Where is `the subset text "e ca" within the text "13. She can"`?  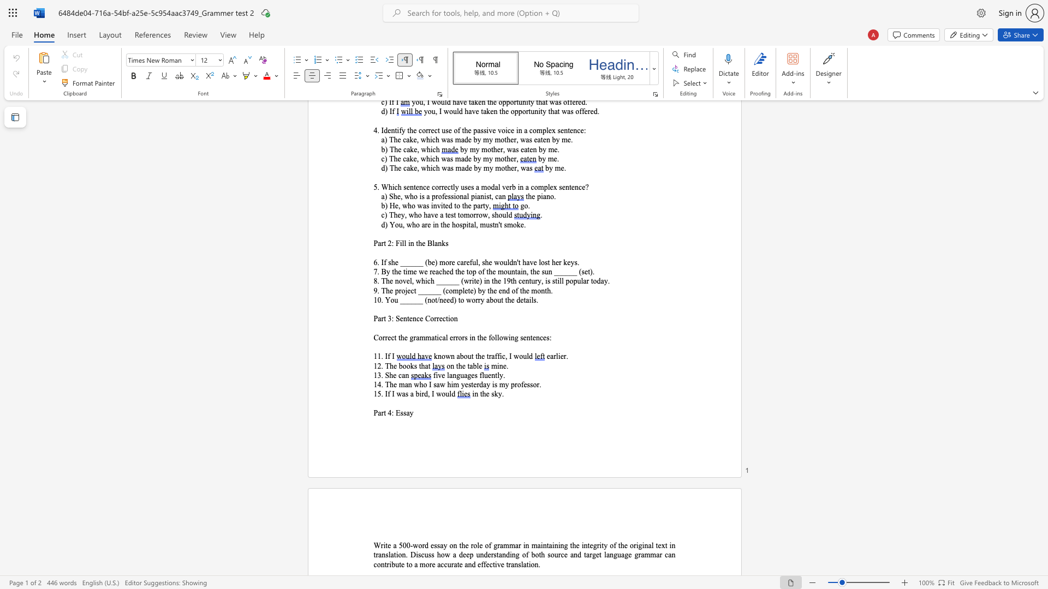
the subset text "e ca" within the text "13. She can" is located at coordinates (393, 375).